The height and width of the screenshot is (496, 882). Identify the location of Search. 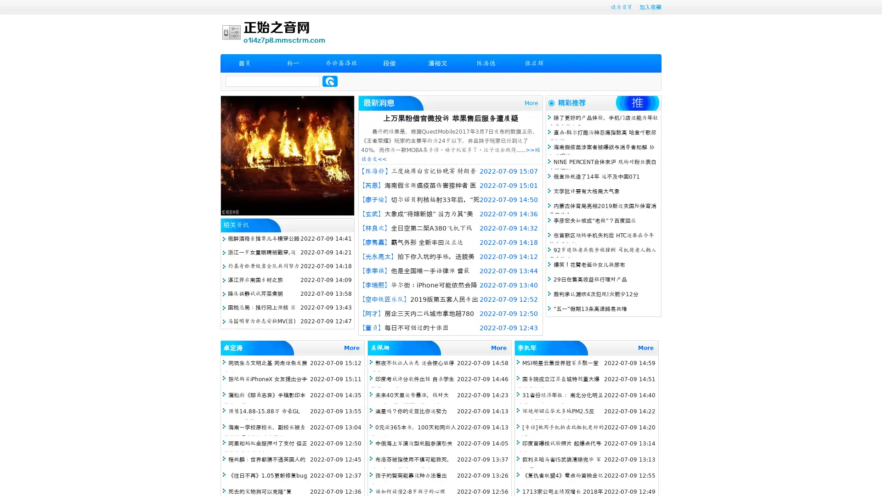
(330, 81).